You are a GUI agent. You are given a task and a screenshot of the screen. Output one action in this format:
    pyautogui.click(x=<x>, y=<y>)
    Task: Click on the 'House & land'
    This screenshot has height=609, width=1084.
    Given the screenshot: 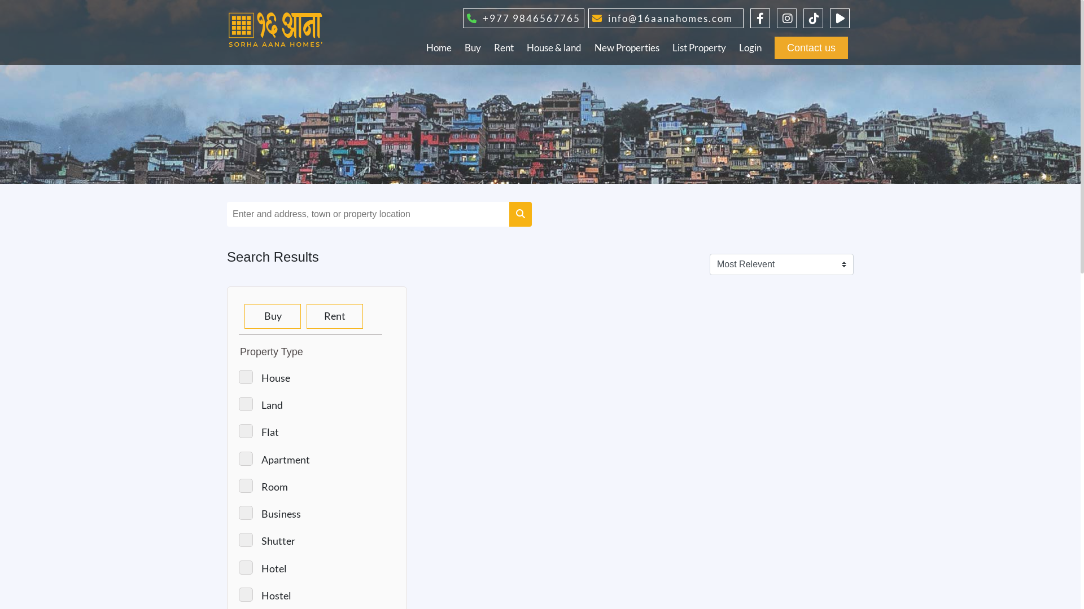 What is the action you would take?
    pyautogui.click(x=554, y=47)
    